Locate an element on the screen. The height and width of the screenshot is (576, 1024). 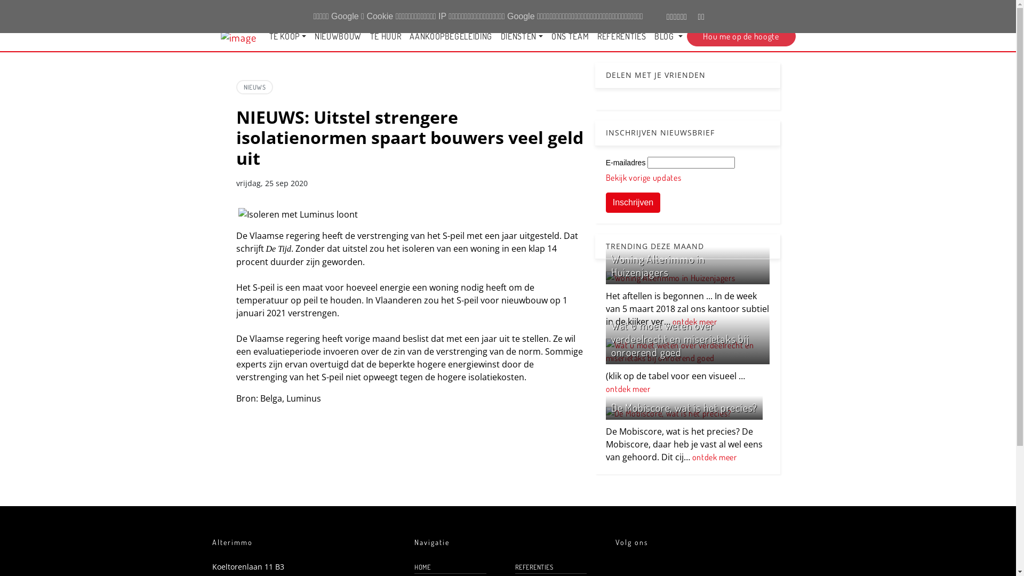
'ontdek meer' is located at coordinates (714, 456).